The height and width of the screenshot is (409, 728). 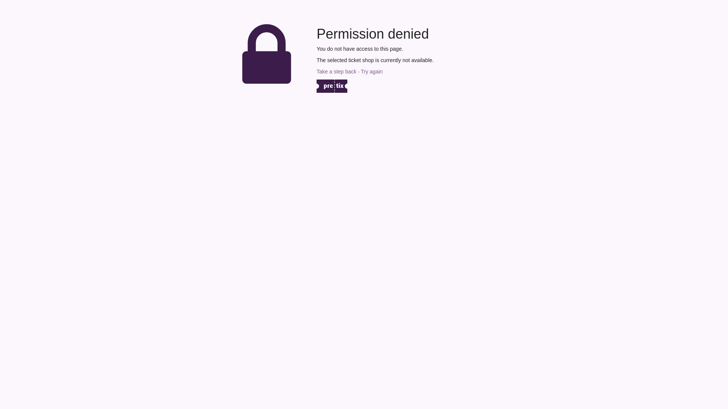 I want to click on 'Try again', so click(x=371, y=72).